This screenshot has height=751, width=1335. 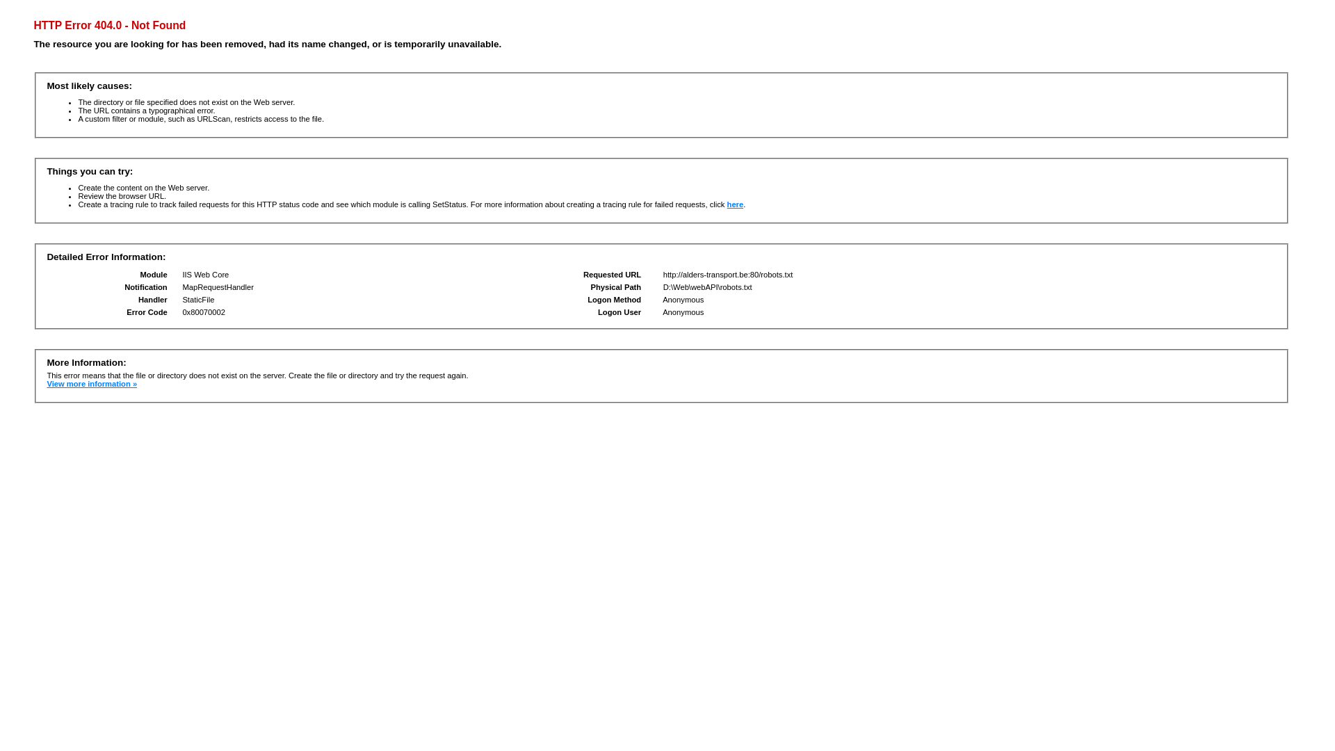 I want to click on 'here', so click(x=727, y=204).